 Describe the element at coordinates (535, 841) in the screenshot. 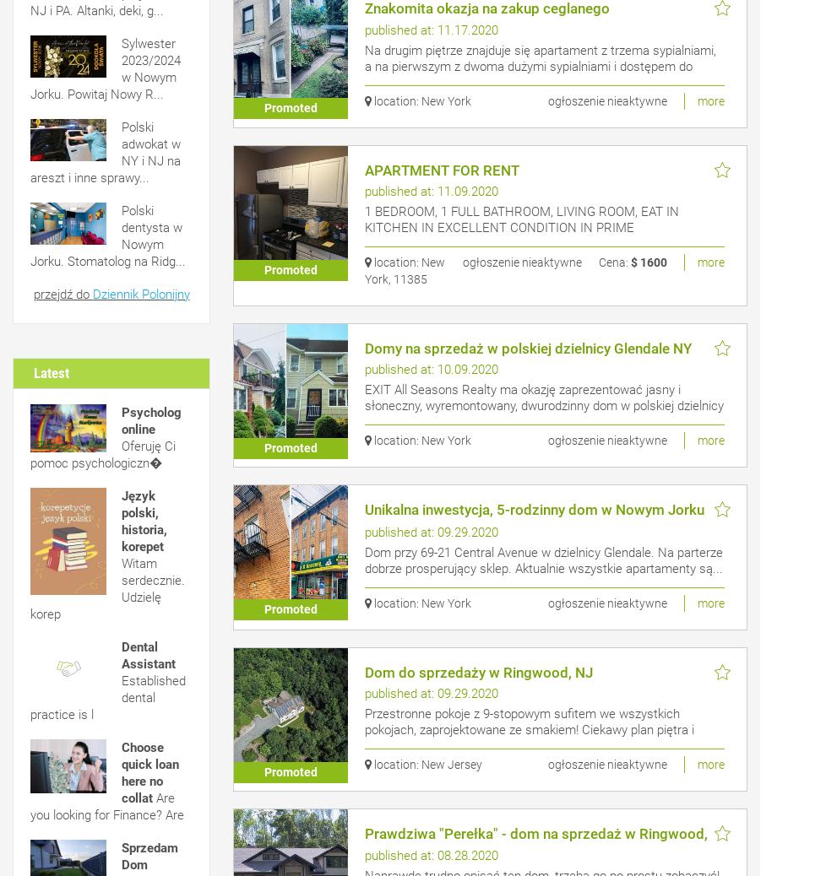

I see `'Prawdziwa "Perełka" - dom na sprzedaż w Ringwood, NJ'` at that location.